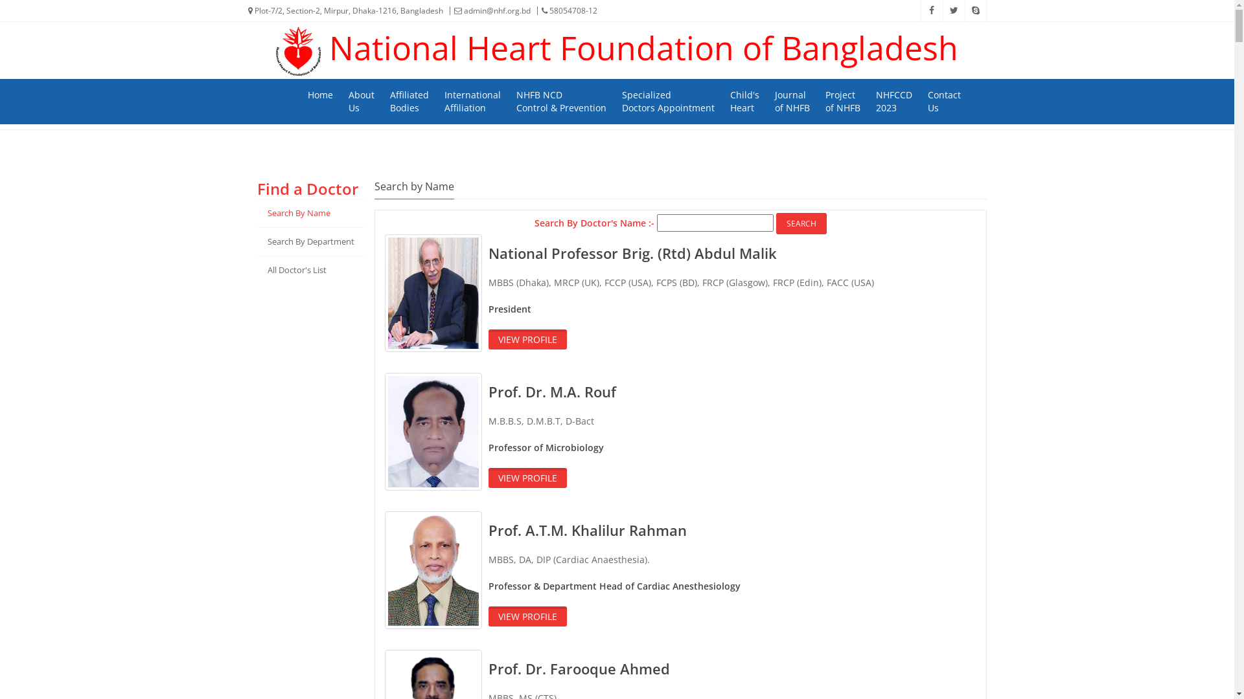  Describe the element at coordinates (527, 338) in the screenshot. I see `'VIEW PROFILE'` at that location.